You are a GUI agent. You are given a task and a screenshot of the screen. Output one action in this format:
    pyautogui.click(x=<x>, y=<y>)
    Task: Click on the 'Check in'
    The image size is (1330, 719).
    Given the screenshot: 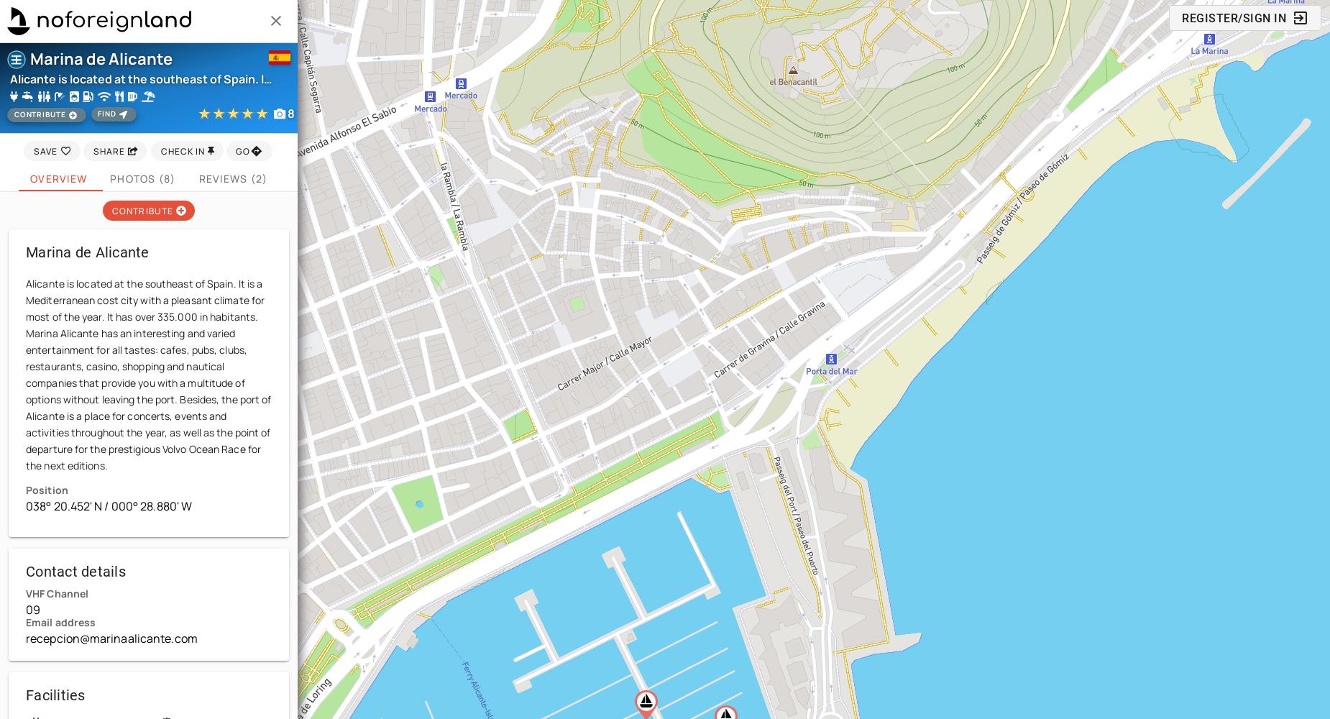 What is the action you would take?
    pyautogui.click(x=182, y=150)
    